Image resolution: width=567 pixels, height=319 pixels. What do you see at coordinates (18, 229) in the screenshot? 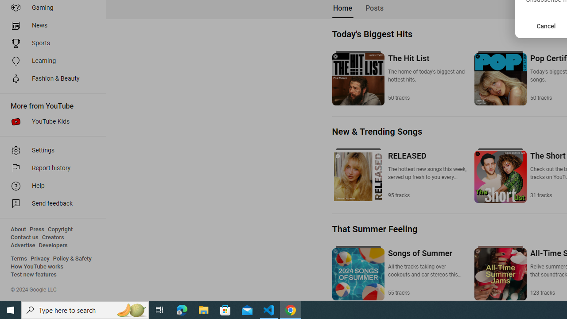
I see `'About'` at bounding box center [18, 229].